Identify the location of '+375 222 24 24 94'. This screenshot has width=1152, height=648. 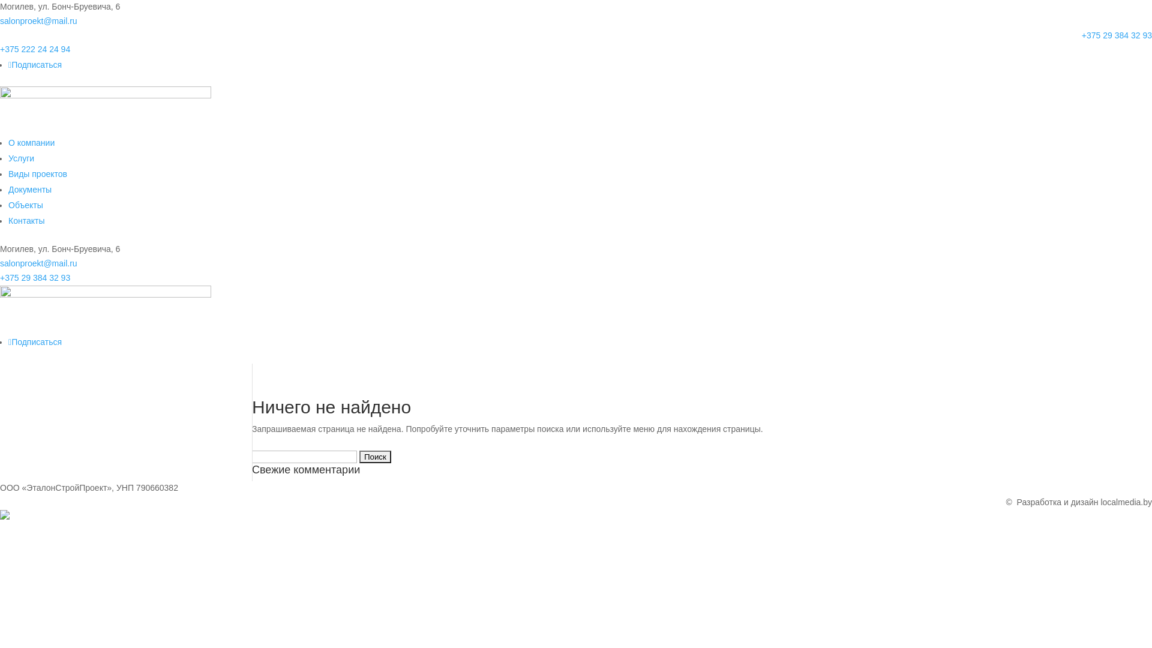
(35, 48).